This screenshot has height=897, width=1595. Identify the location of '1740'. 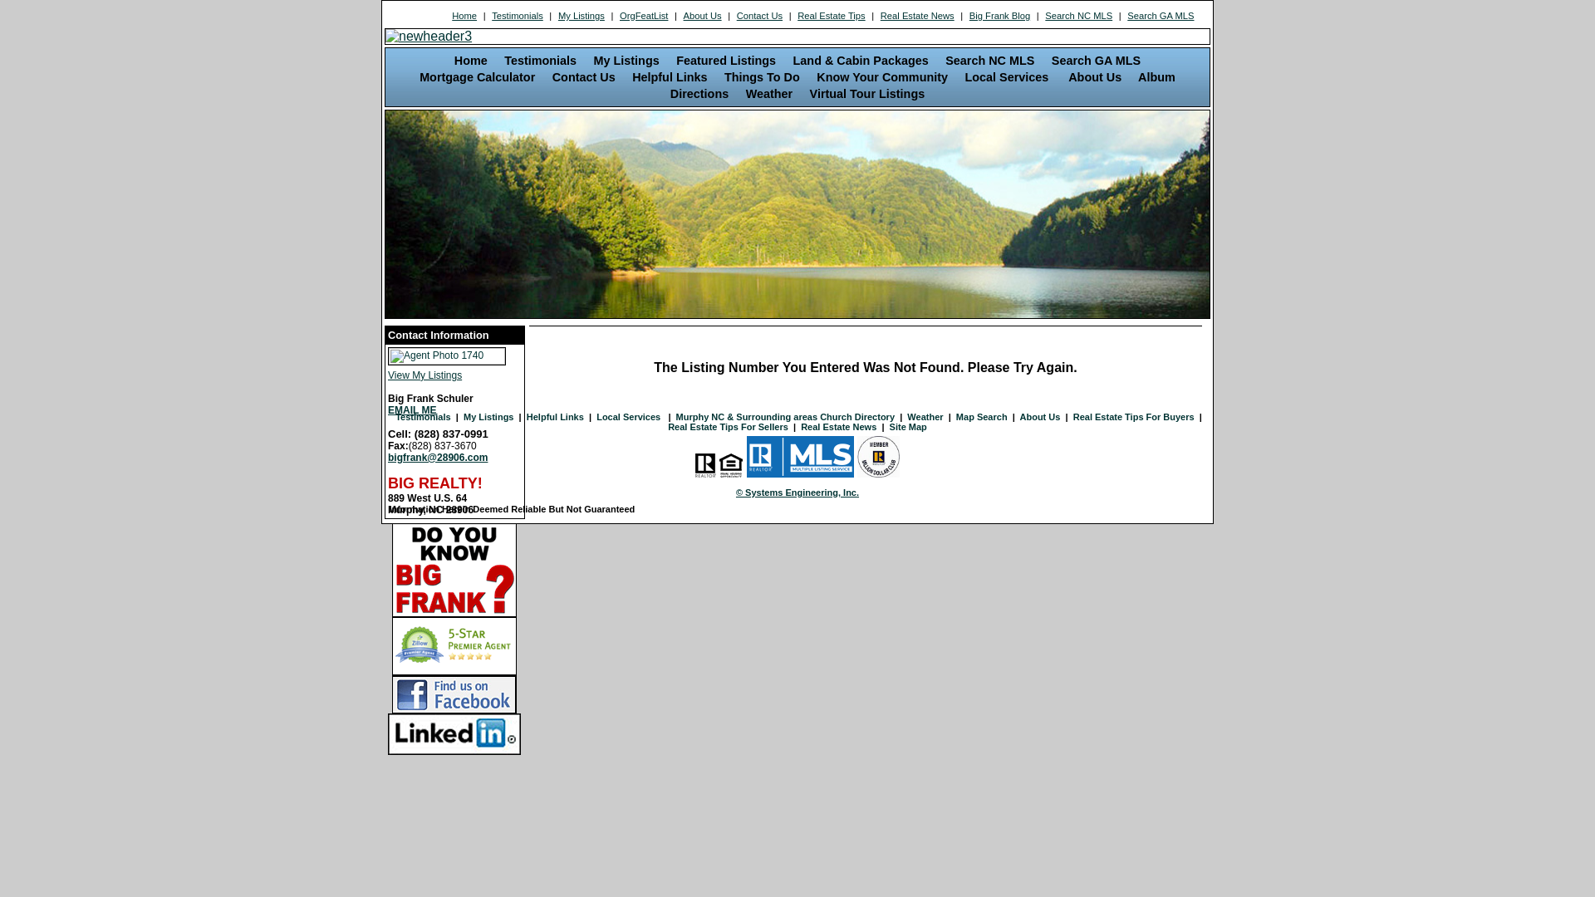
(446, 355).